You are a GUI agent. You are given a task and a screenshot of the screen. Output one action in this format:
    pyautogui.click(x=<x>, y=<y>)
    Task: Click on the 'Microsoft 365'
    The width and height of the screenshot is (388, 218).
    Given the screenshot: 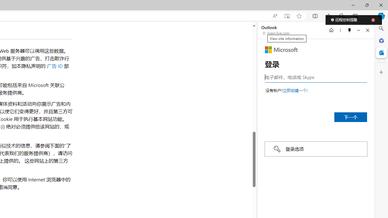 What is the action you would take?
    pyautogui.click(x=381, y=40)
    